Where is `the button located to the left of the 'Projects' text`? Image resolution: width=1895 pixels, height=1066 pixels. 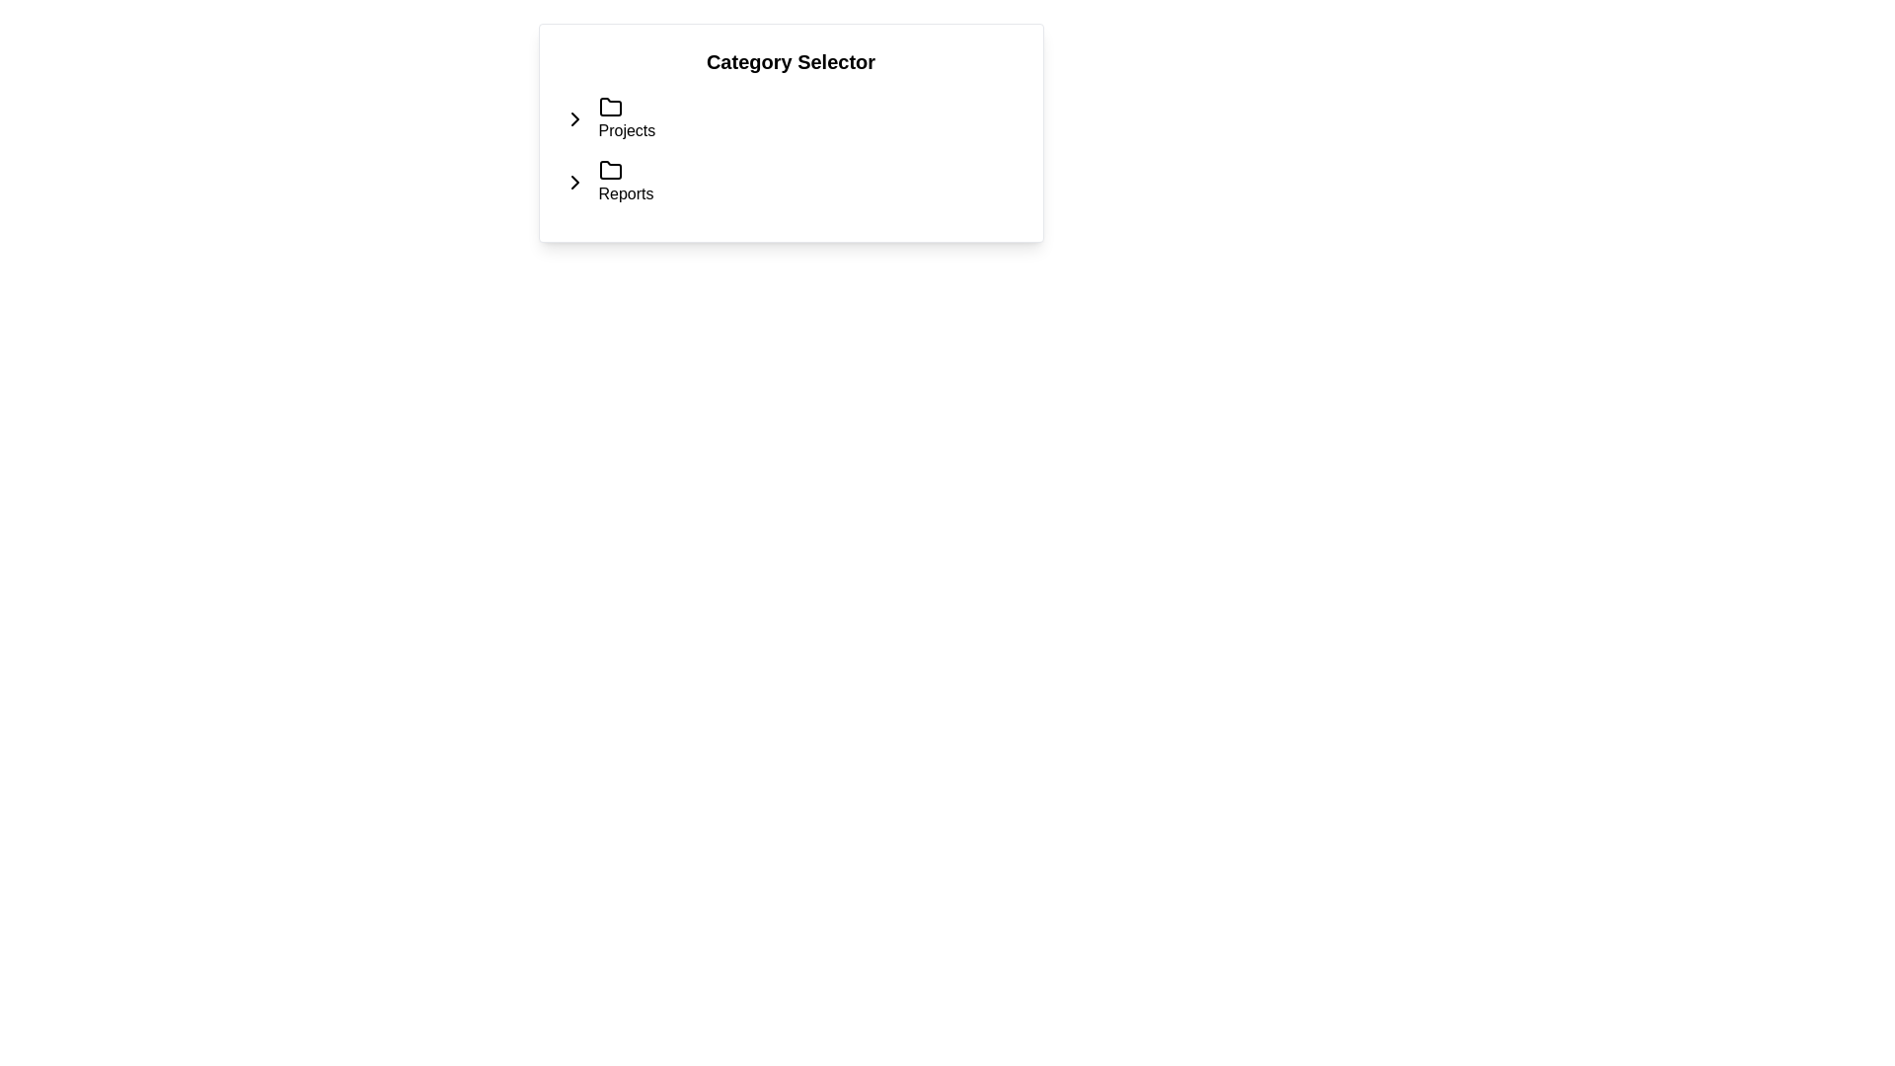 the button located to the left of the 'Projects' text is located at coordinates (573, 118).